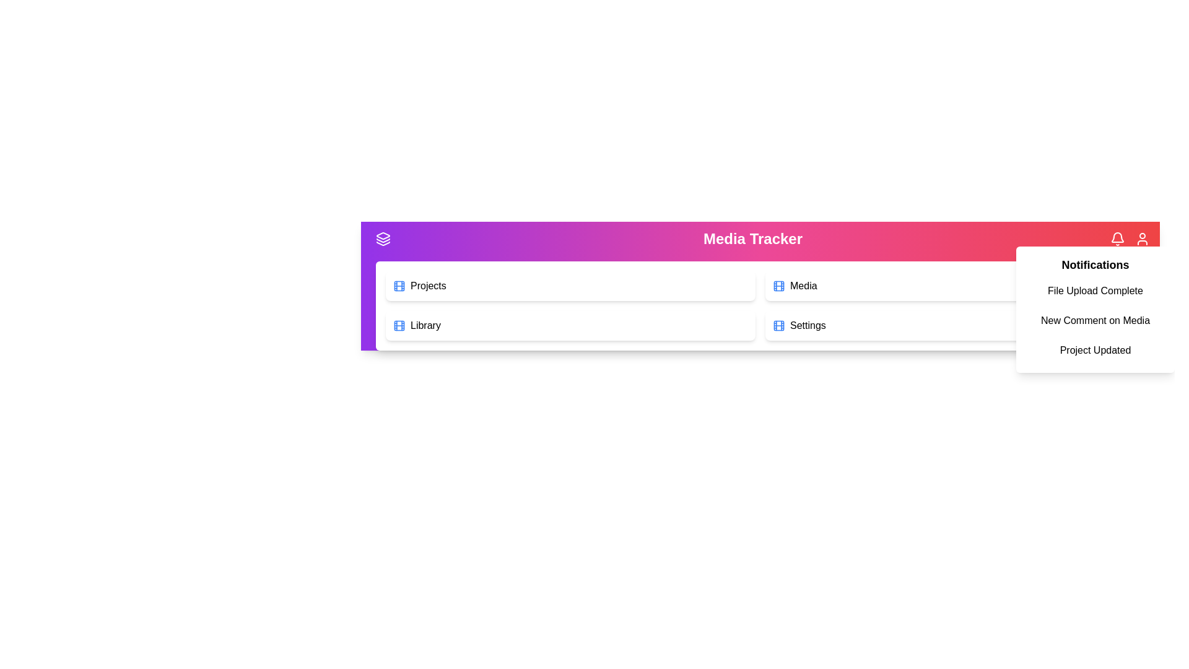  I want to click on the navigation menu item Settings, so click(949, 325).